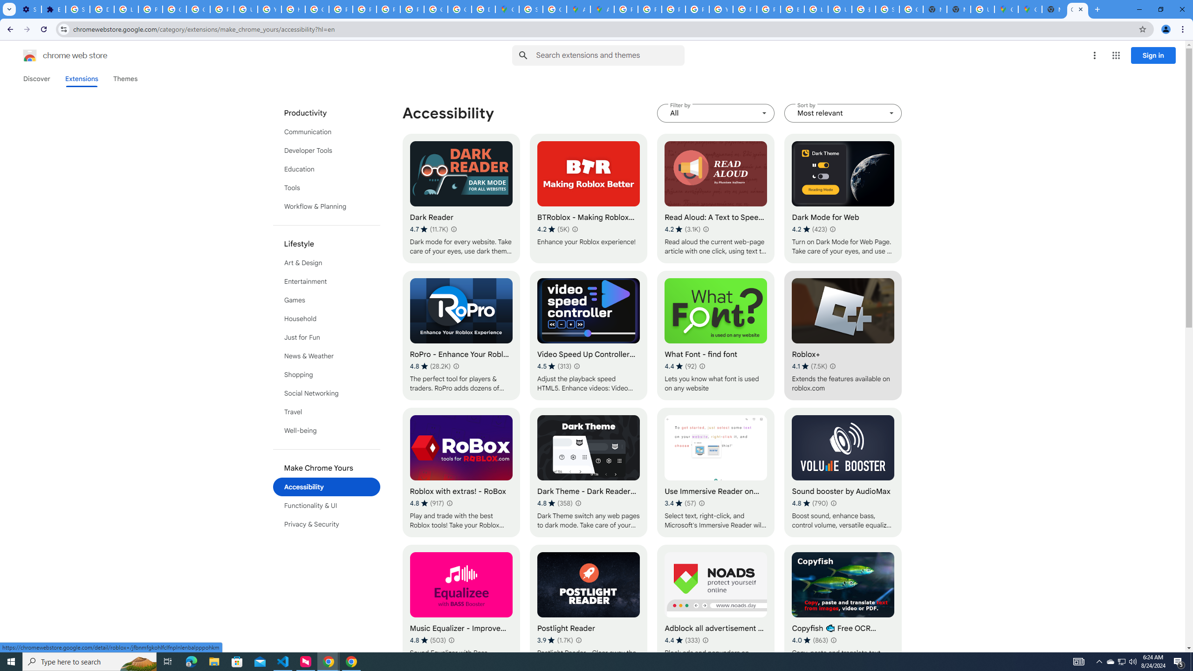  Describe the element at coordinates (460, 609) in the screenshot. I see `'Music Equalizer - Improve Sound for everyone'` at that location.